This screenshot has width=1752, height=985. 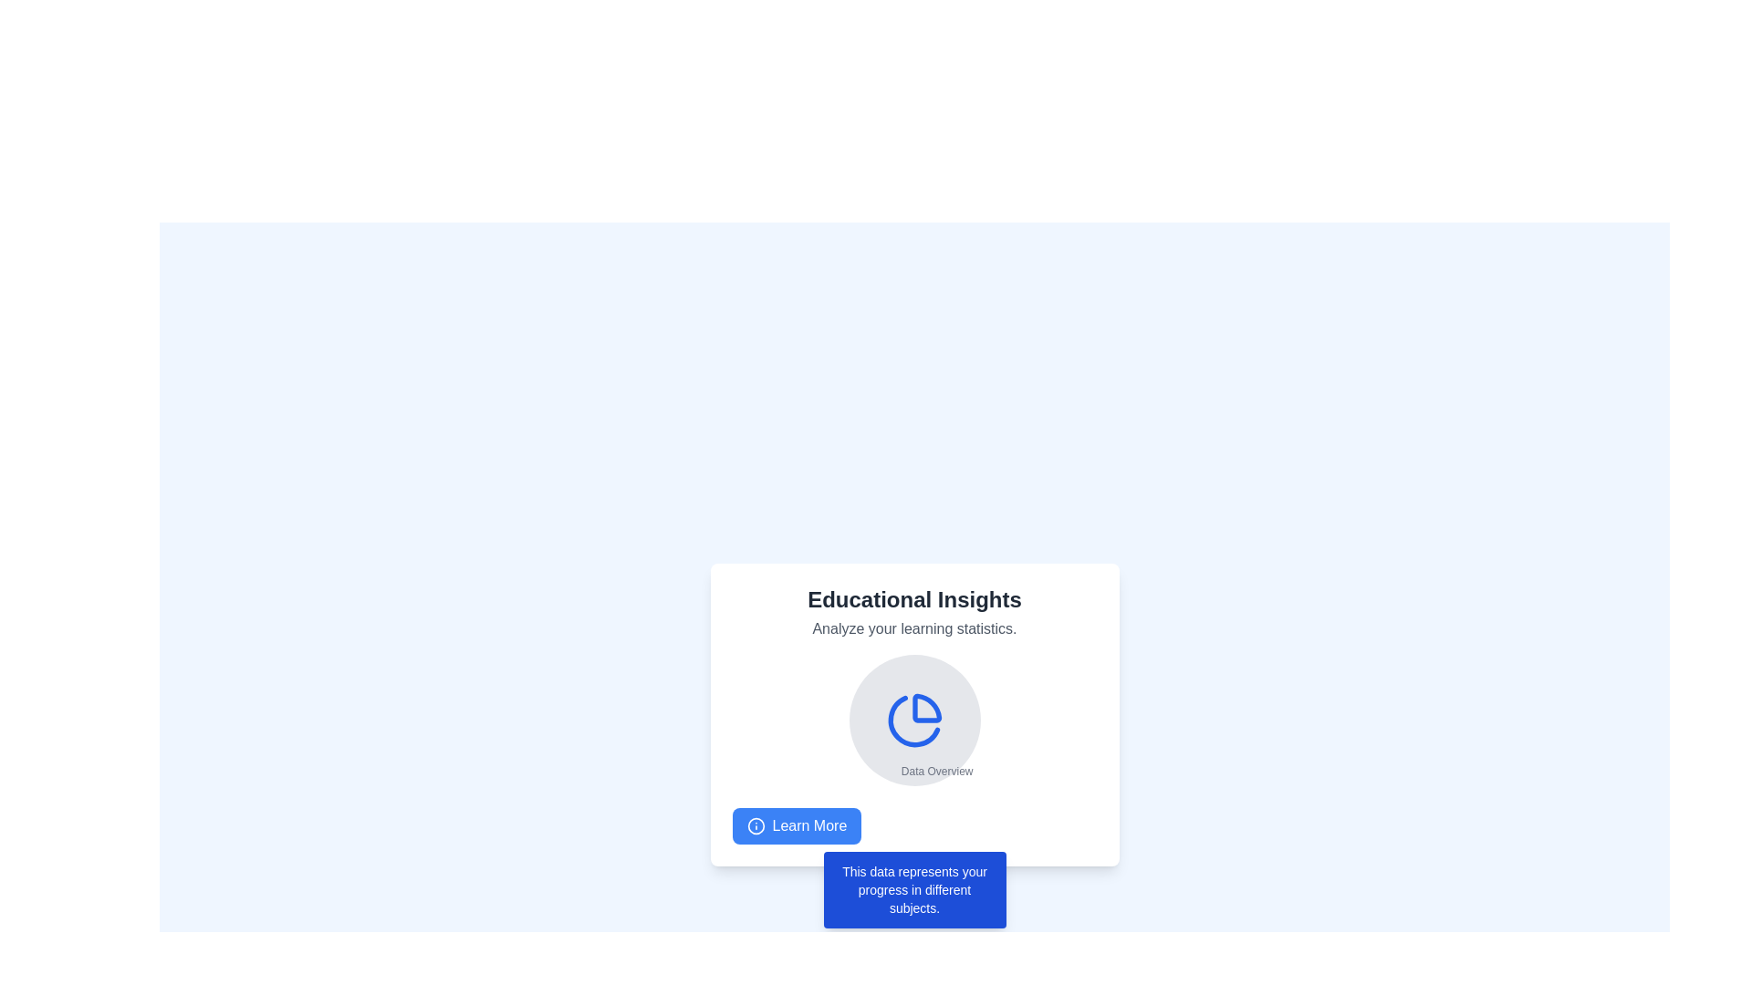 I want to click on the design of the second segment of the pie chart with a blue stroke, located in the center of the card titled 'Educational Insights', so click(x=913, y=721).